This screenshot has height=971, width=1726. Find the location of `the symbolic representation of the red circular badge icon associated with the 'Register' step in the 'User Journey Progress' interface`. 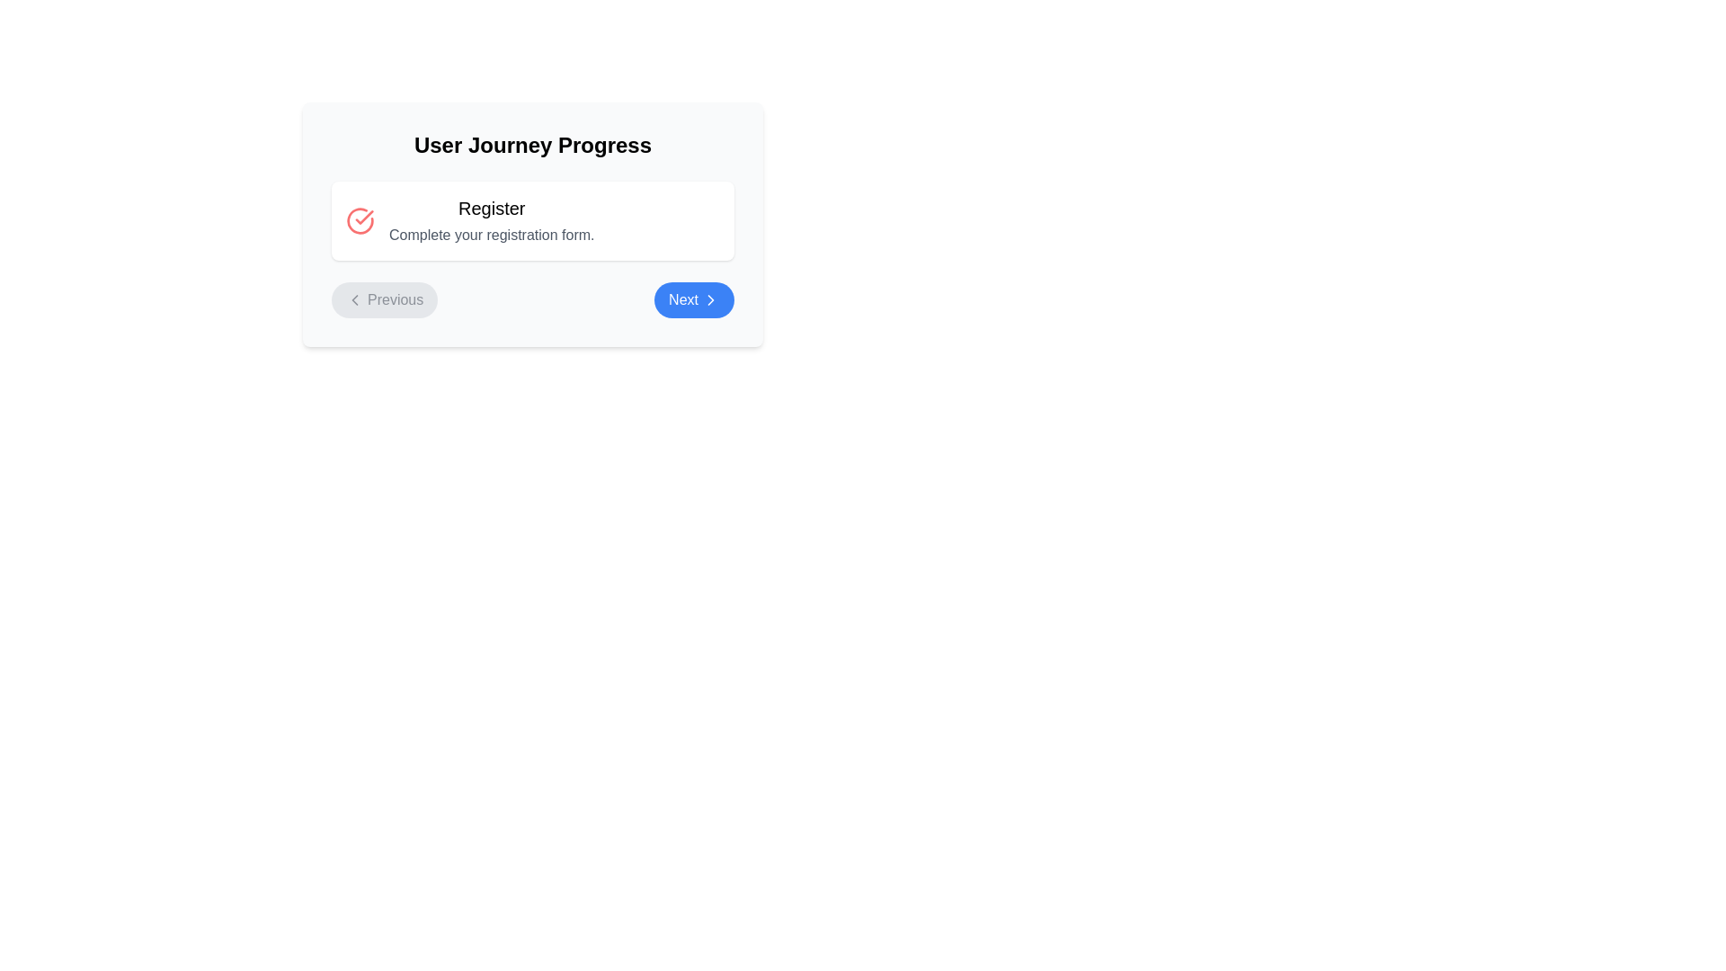

the symbolic representation of the red circular badge icon associated with the 'Register' step in the 'User Journey Progress' interface is located at coordinates (363, 217).